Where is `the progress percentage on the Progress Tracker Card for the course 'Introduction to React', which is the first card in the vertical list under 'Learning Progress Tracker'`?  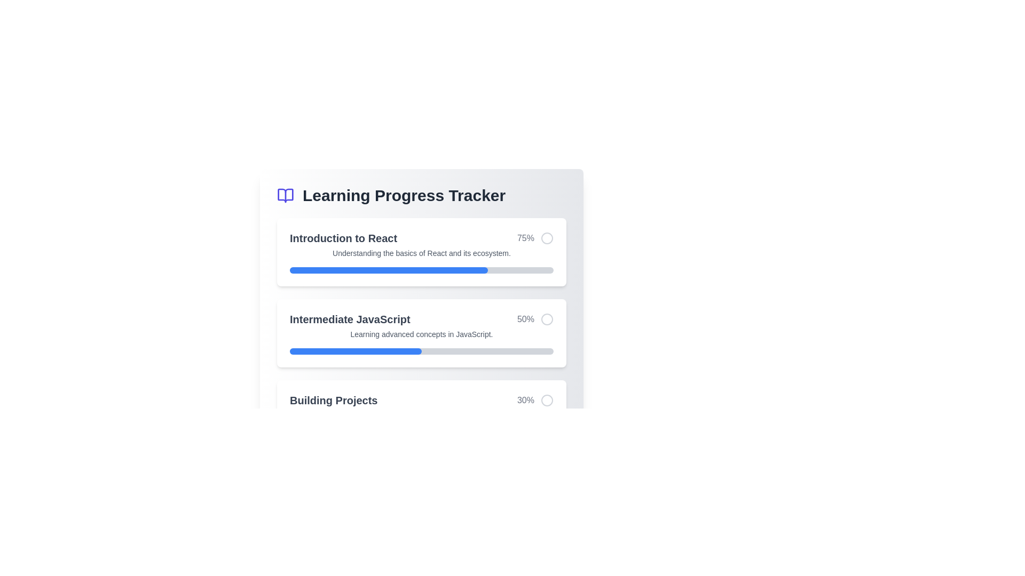 the progress percentage on the Progress Tracker Card for the course 'Introduction to React', which is the first card in the vertical list under 'Learning Progress Tracker' is located at coordinates (421, 252).